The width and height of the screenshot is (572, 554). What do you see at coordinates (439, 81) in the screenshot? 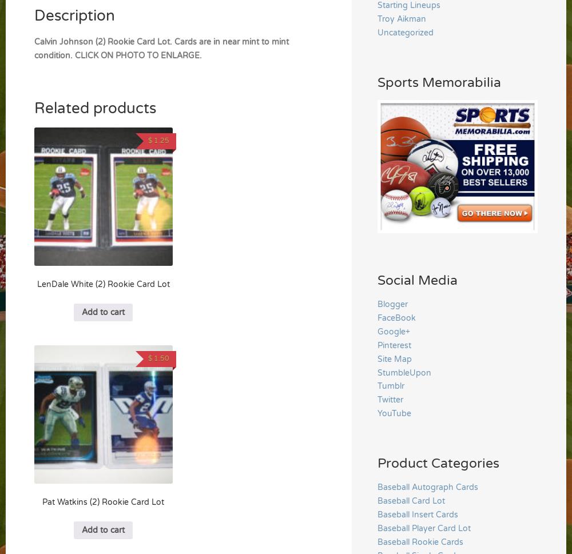
I see `'Sports Memorabilia'` at bounding box center [439, 81].